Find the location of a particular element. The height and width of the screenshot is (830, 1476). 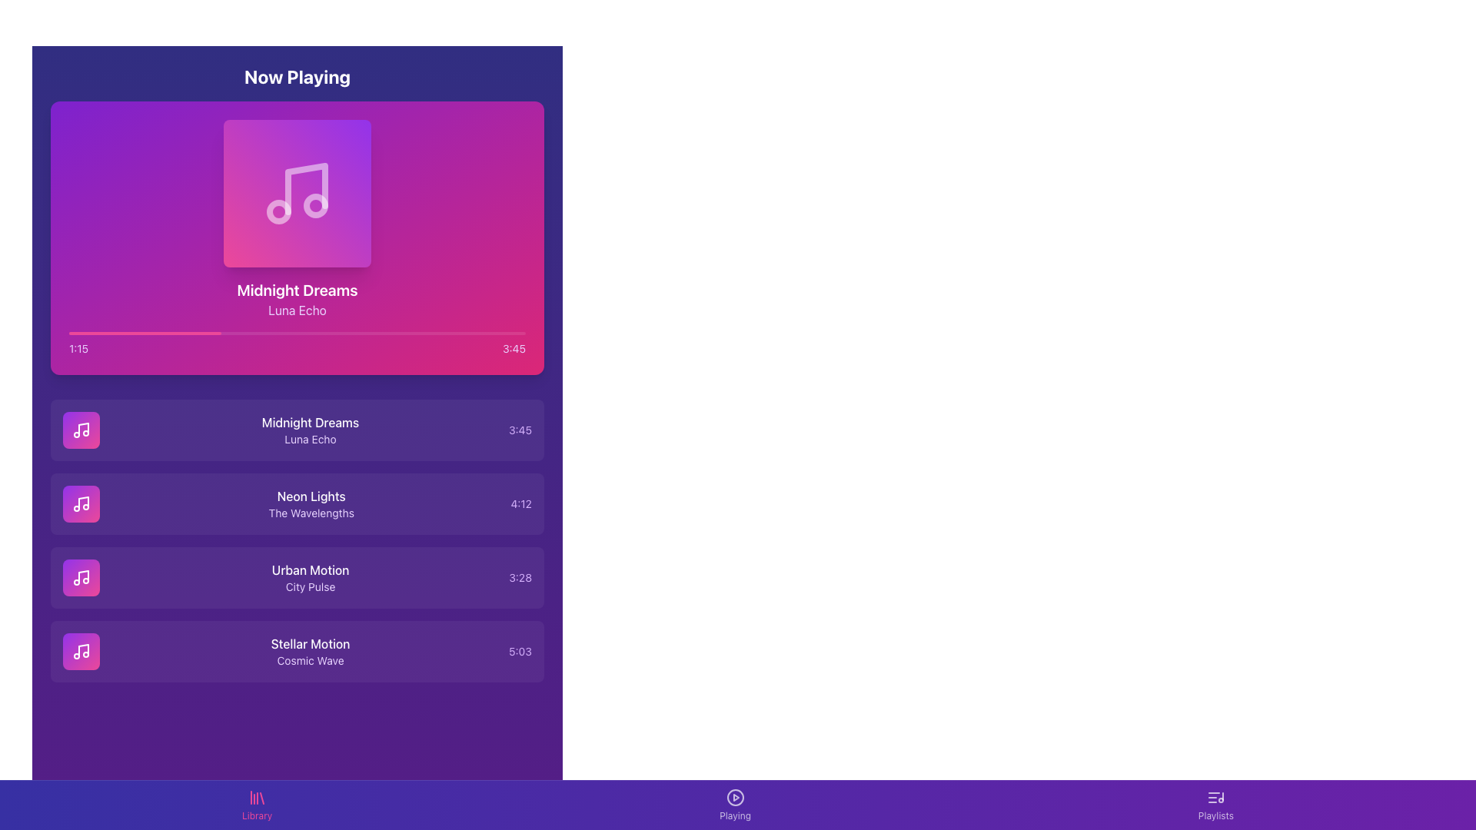

the second circle within the musical note icon, which is a decorative SVG component located to the lower left beside the stem of the note is located at coordinates (279, 212).